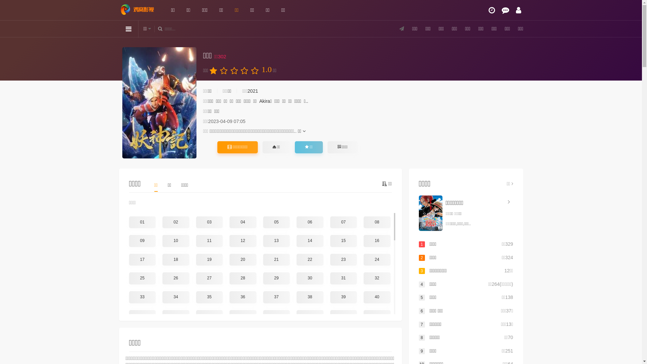 This screenshot has height=364, width=647. I want to click on '18', so click(162, 260).